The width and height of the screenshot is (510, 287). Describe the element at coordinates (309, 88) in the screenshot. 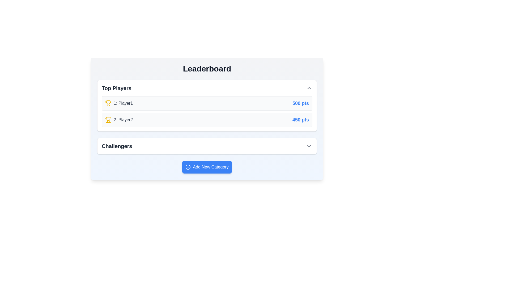

I see `the upward chevron icon` at that location.